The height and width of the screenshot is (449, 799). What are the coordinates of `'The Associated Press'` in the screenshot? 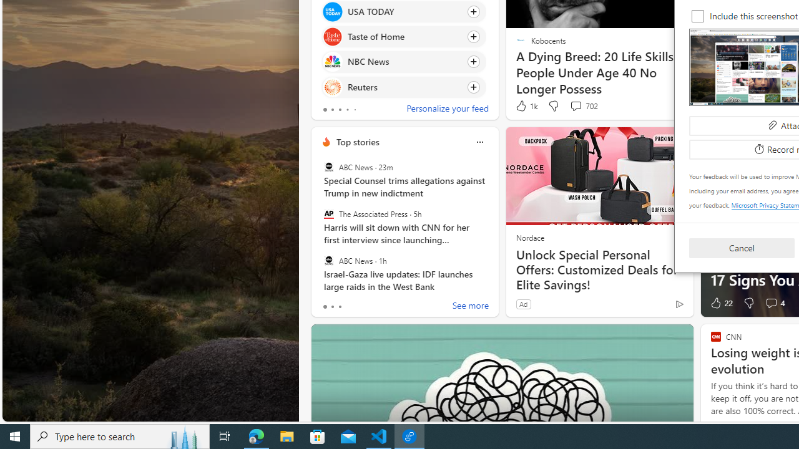 It's located at (328, 213).